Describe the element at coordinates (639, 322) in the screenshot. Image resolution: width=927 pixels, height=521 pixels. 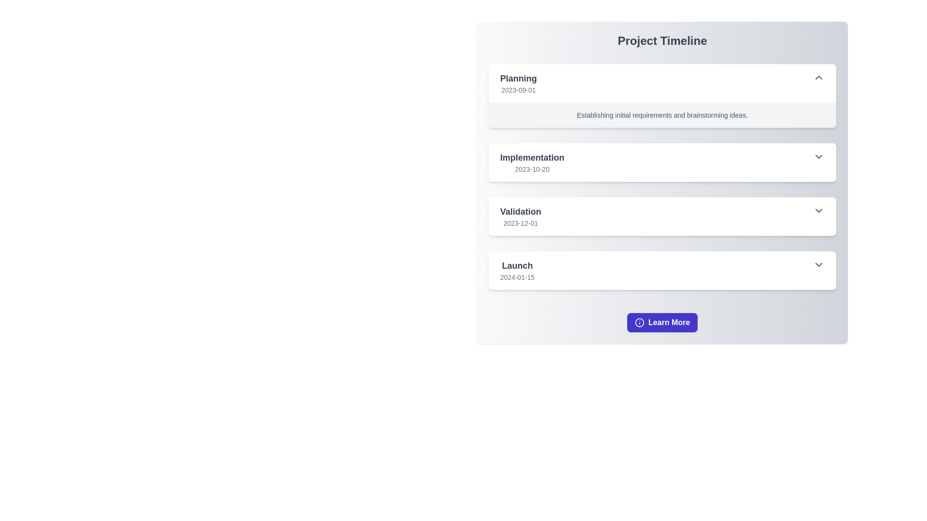
I see `the small circular blue icon with a vertical line and a dot, located inside the 'Learn More' button at the bottom-center of the interface` at that location.